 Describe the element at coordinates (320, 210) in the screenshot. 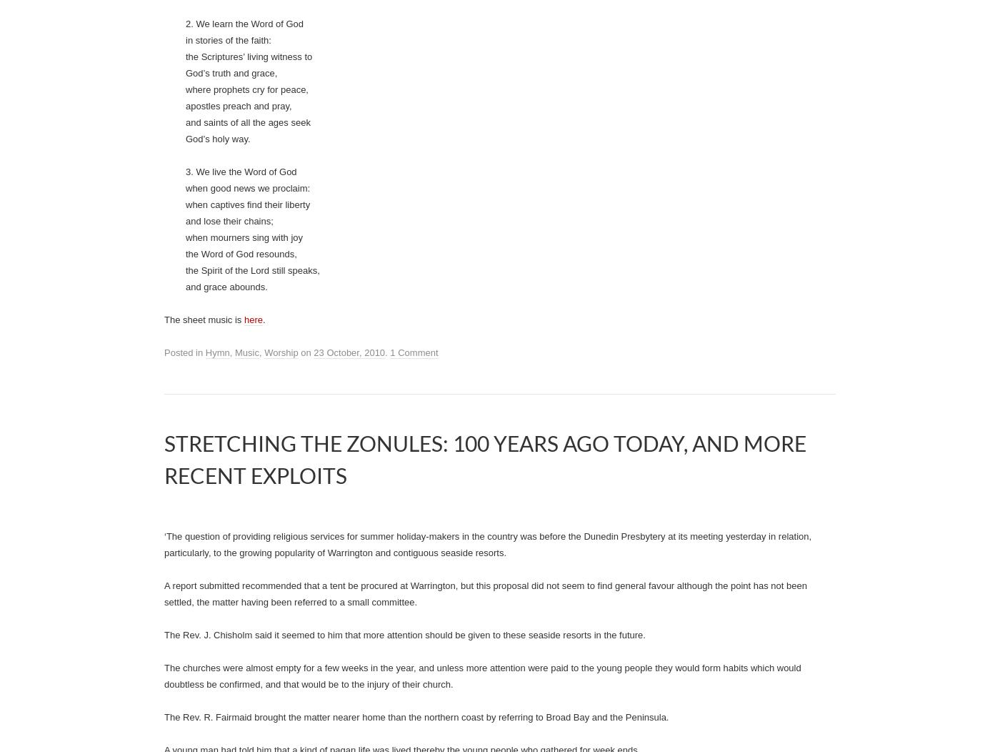

I see `'Holy Communion'` at that location.